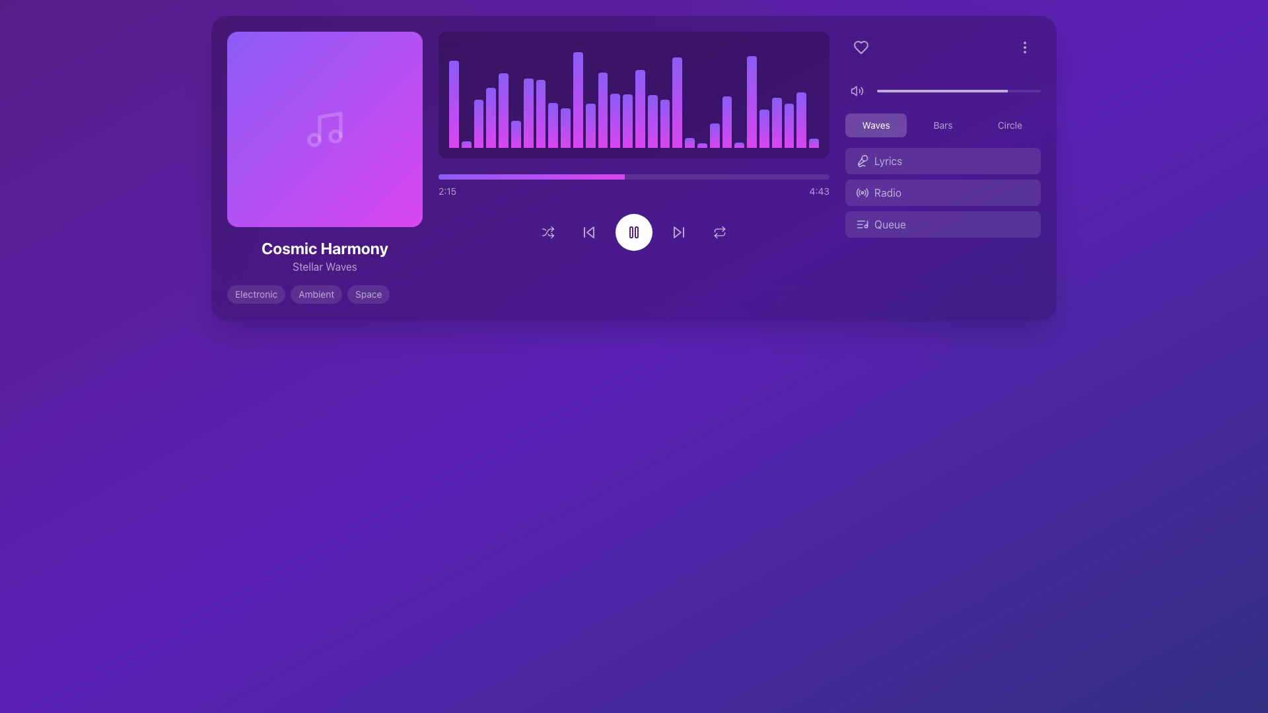 The height and width of the screenshot is (713, 1268). Describe the element at coordinates (493, 176) in the screenshot. I see `the progress bar value` at that location.